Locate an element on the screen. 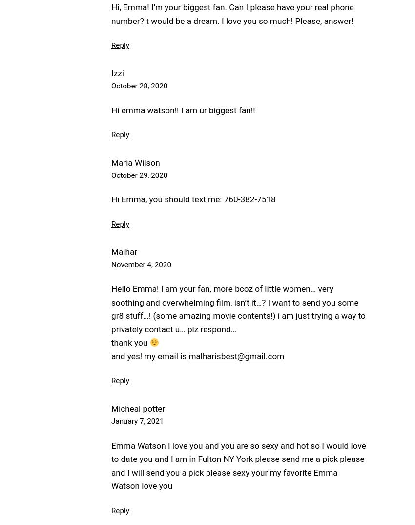 The height and width of the screenshot is (525, 415). 'Hi, Emma! I’m your biggest fan. Can I please have your real phone number?It would be a dream.  I love you so much! Please, answer!' is located at coordinates (232, 13).